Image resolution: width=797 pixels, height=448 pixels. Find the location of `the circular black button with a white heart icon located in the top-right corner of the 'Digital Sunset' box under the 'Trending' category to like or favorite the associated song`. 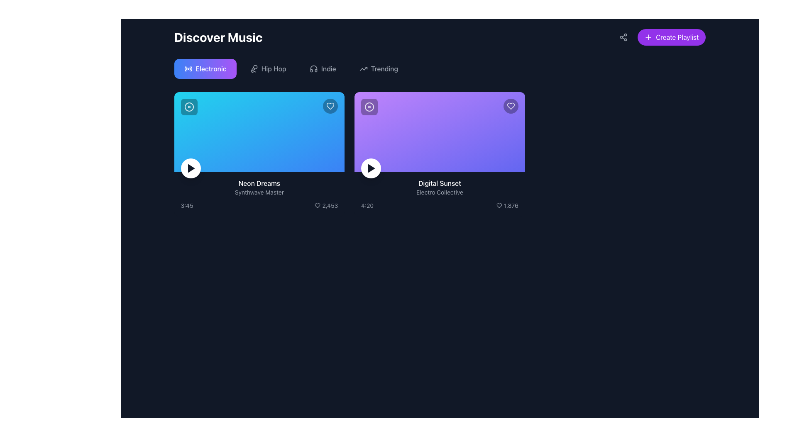

the circular black button with a white heart icon located in the top-right corner of the 'Digital Sunset' box under the 'Trending' category to like or favorite the associated song is located at coordinates (510, 105).